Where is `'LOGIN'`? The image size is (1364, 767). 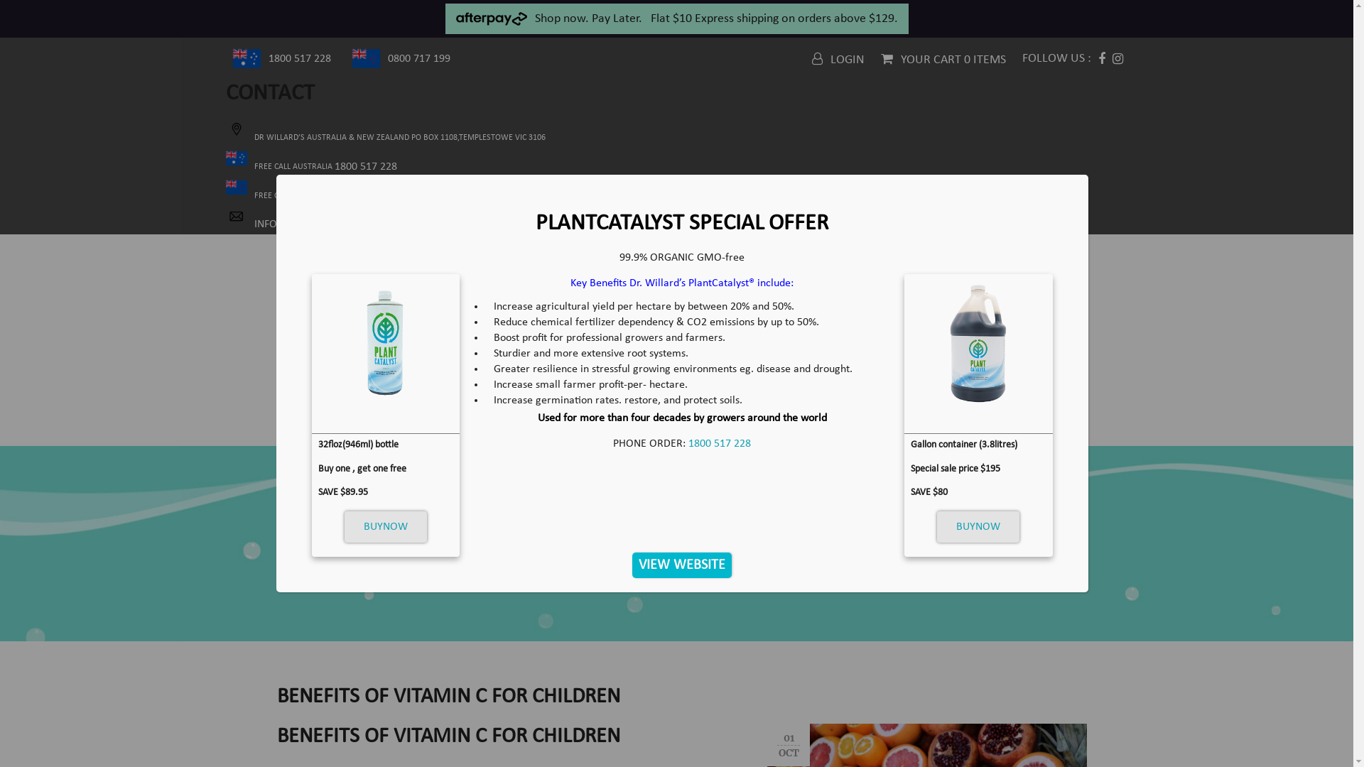
'LOGIN' is located at coordinates (838, 59).